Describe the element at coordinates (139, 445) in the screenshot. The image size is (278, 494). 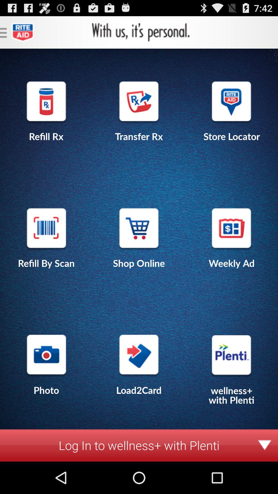
I see `log in to` at that location.